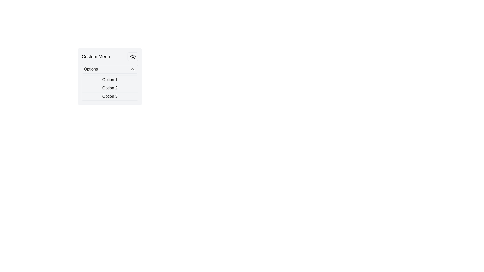 The width and height of the screenshot is (484, 272). I want to click on the small, rounded rectangular button with a sun icon in the top-right corner of the 'Custom Menu' section, so click(133, 56).